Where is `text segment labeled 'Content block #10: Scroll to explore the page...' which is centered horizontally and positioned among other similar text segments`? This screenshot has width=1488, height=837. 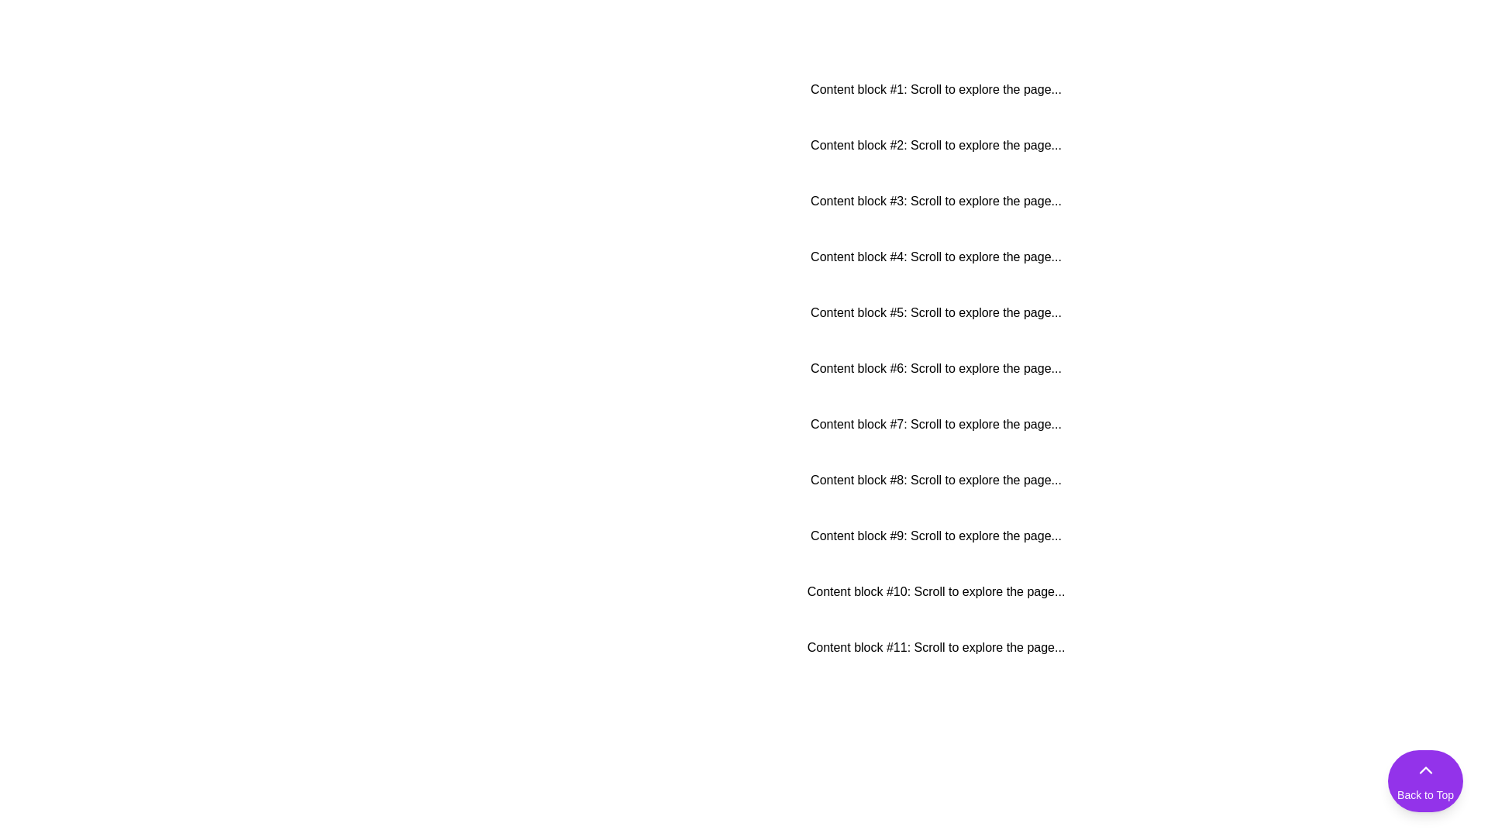
text segment labeled 'Content block #10: Scroll to explore the page...' which is centered horizontally and positioned among other similar text segments is located at coordinates (935, 591).